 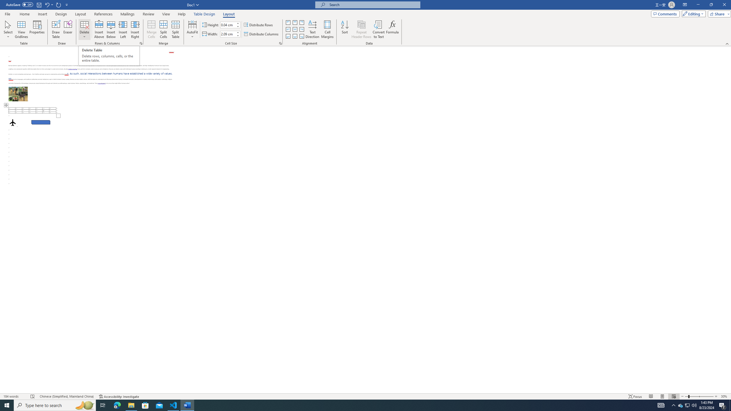 I want to click on 'Zoom 30%', so click(x=724, y=396).